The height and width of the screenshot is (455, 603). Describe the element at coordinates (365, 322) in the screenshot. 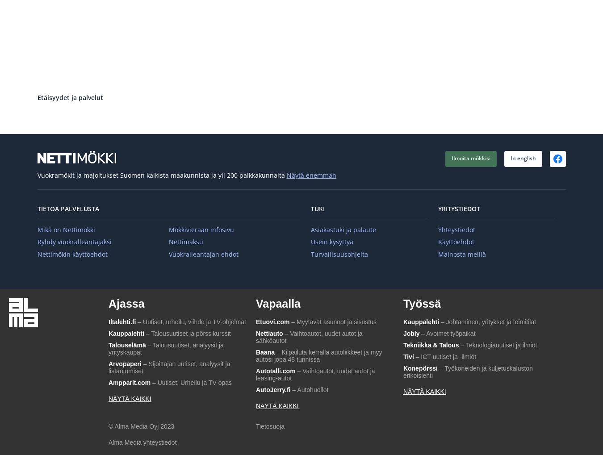

I see `'sisustus'` at that location.